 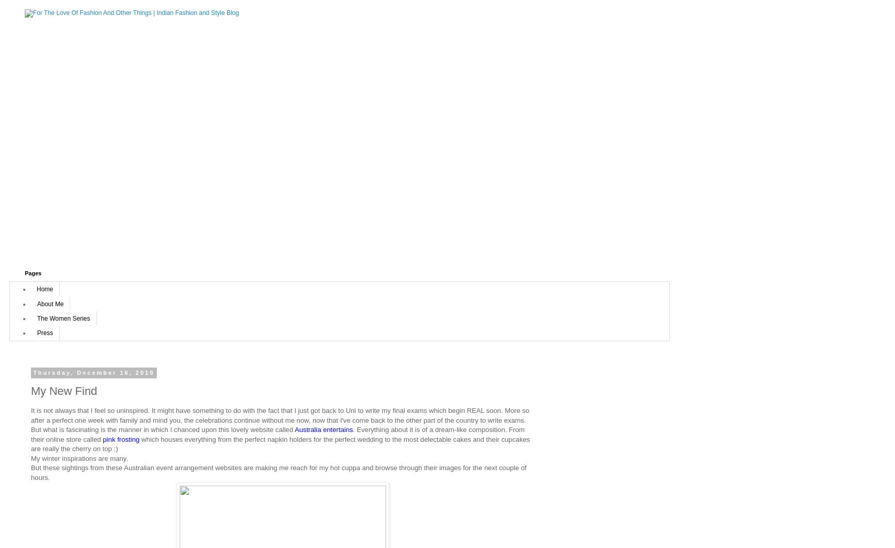 I want to click on 'My winter inspirations are many.', so click(x=79, y=457).